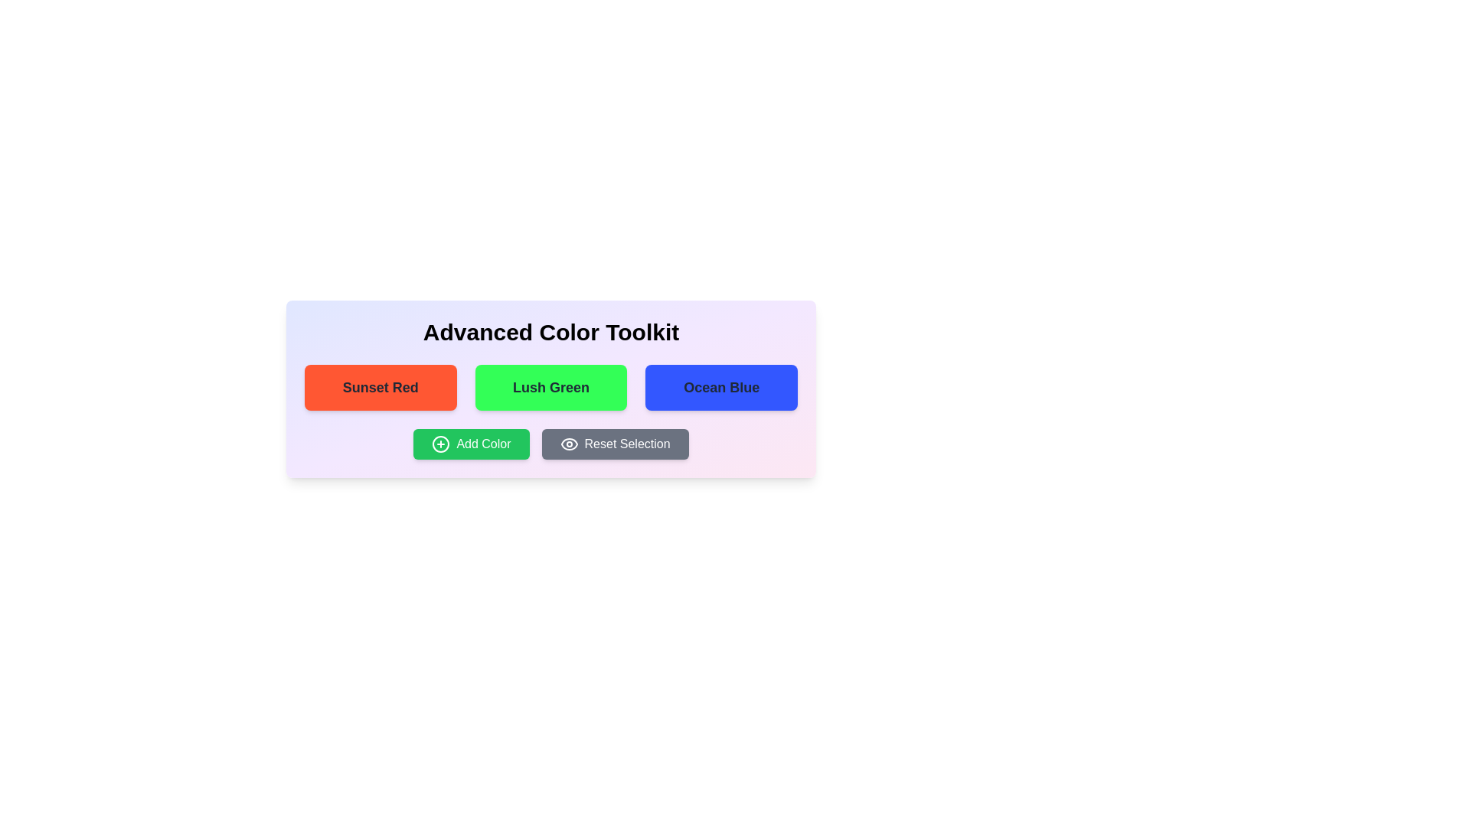  What do you see at coordinates (470, 444) in the screenshot?
I see `the 'Add Color' button` at bounding box center [470, 444].